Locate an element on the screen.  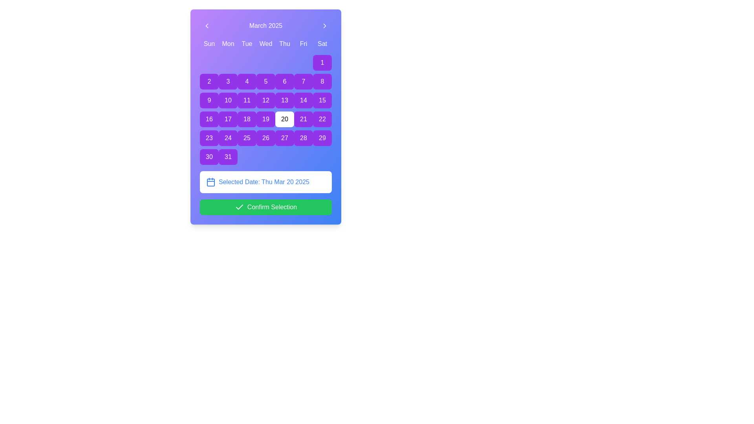
the rounded rectangular purple button displaying the number '1' is located at coordinates (322, 62).